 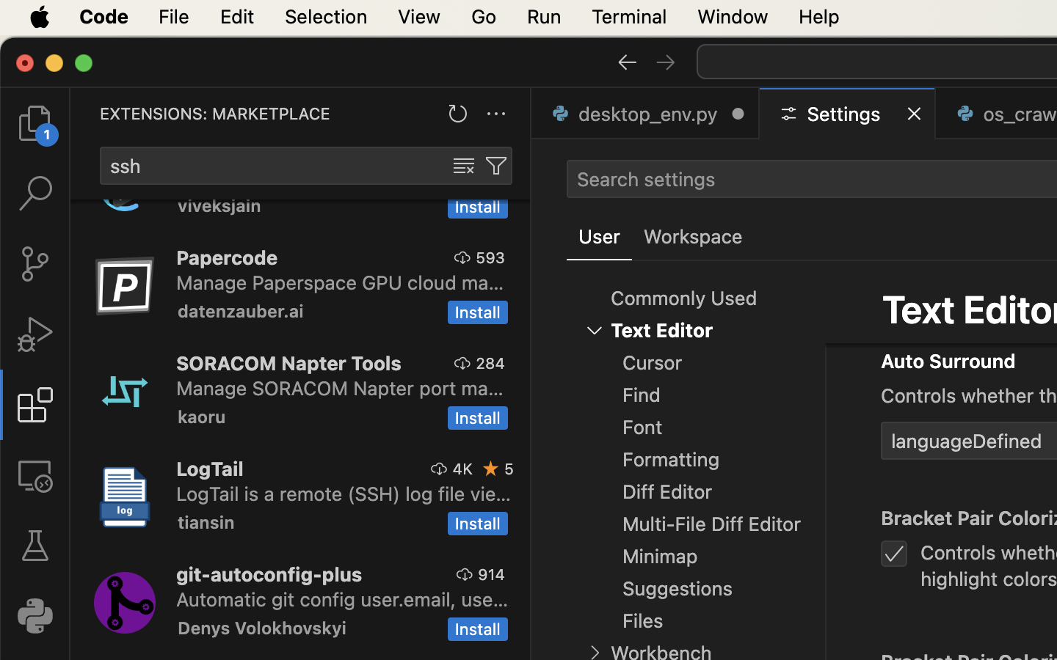 I want to click on 'LogTail', so click(x=208, y=469).